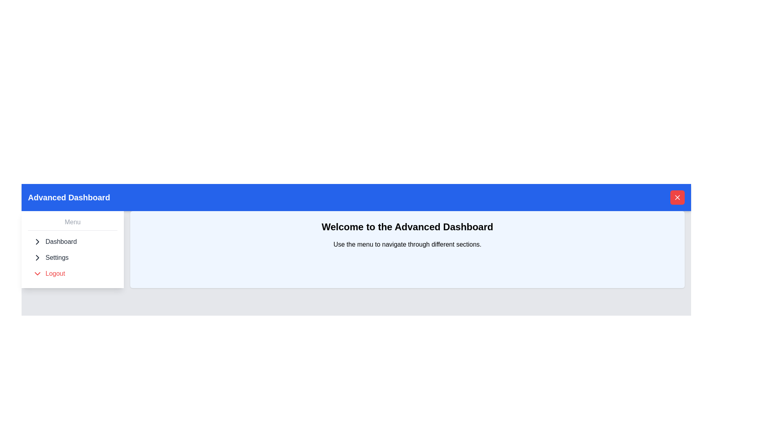 Image resolution: width=767 pixels, height=431 pixels. What do you see at coordinates (37, 257) in the screenshot?
I see `the chevron icon located in the sidebar under the 'Menu' label` at bounding box center [37, 257].